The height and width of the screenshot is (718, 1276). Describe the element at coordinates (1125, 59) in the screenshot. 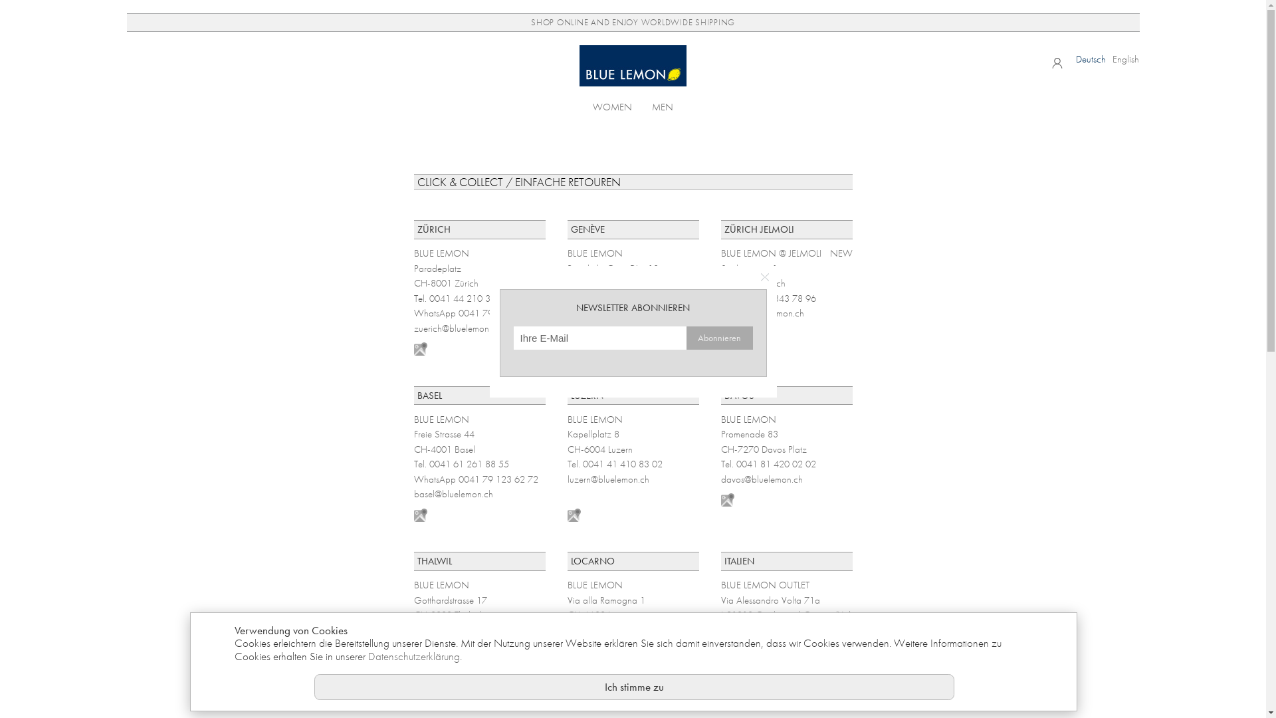

I see `'English'` at that location.